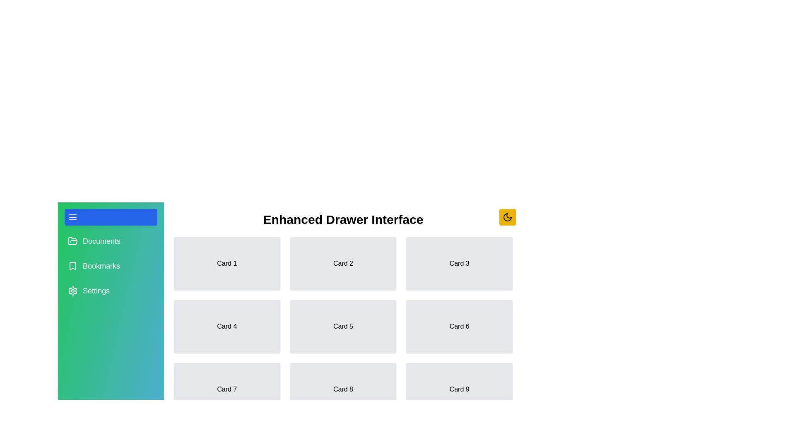 The image size is (795, 447). What do you see at coordinates (111, 241) in the screenshot?
I see `the menu item Documents to select it` at bounding box center [111, 241].